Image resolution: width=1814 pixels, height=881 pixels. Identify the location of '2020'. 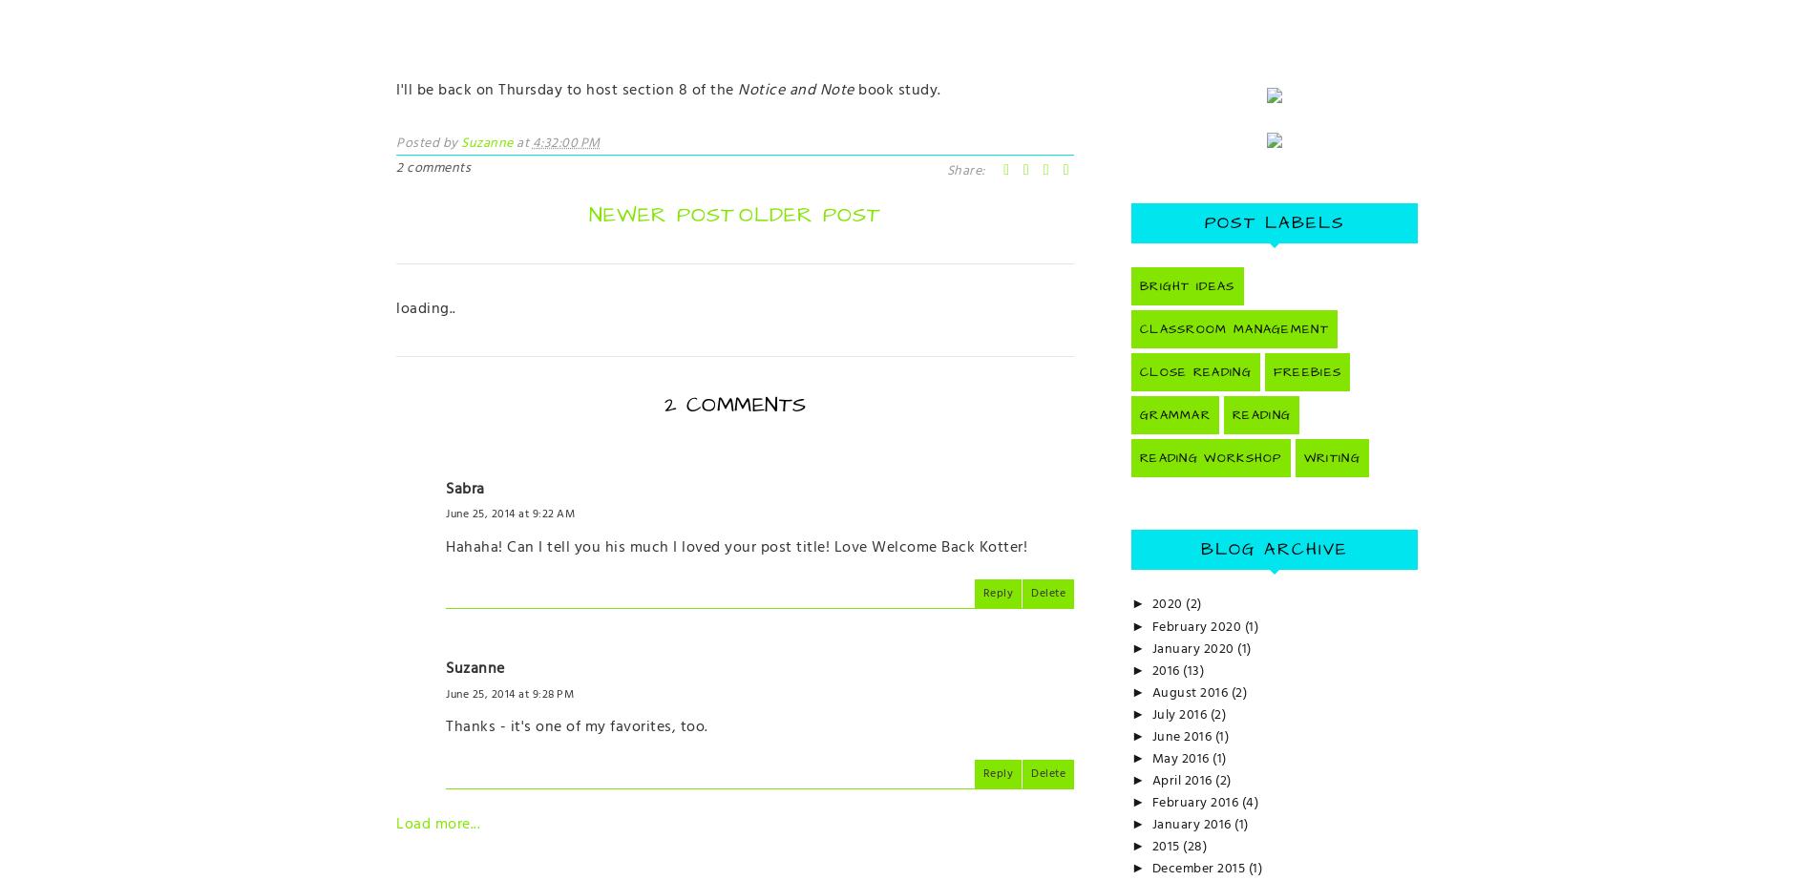
(1167, 603).